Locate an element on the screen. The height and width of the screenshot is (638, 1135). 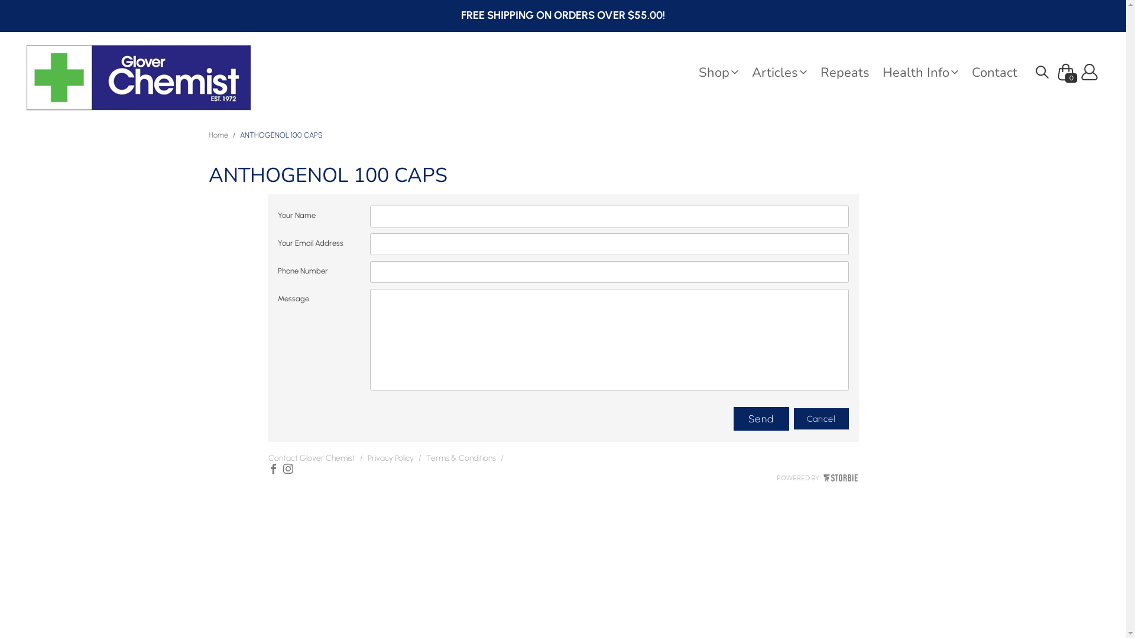
'Privacy Policy' is located at coordinates (391, 460).